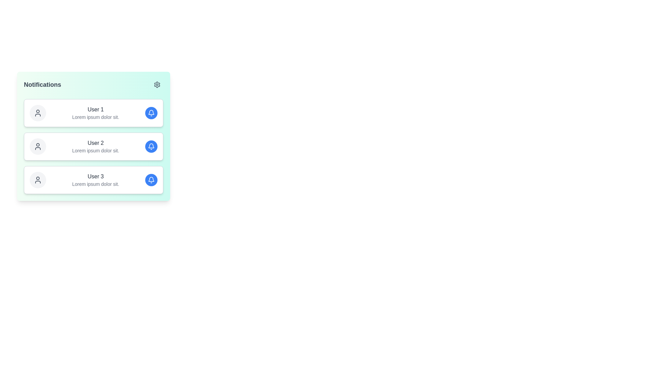 The image size is (656, 369). Describe the element at coordinates (37, 146) in the screenshot. I see `the user profile icon associated with 'User 2' in the notification card, positioned to the left of the text information` at that location.